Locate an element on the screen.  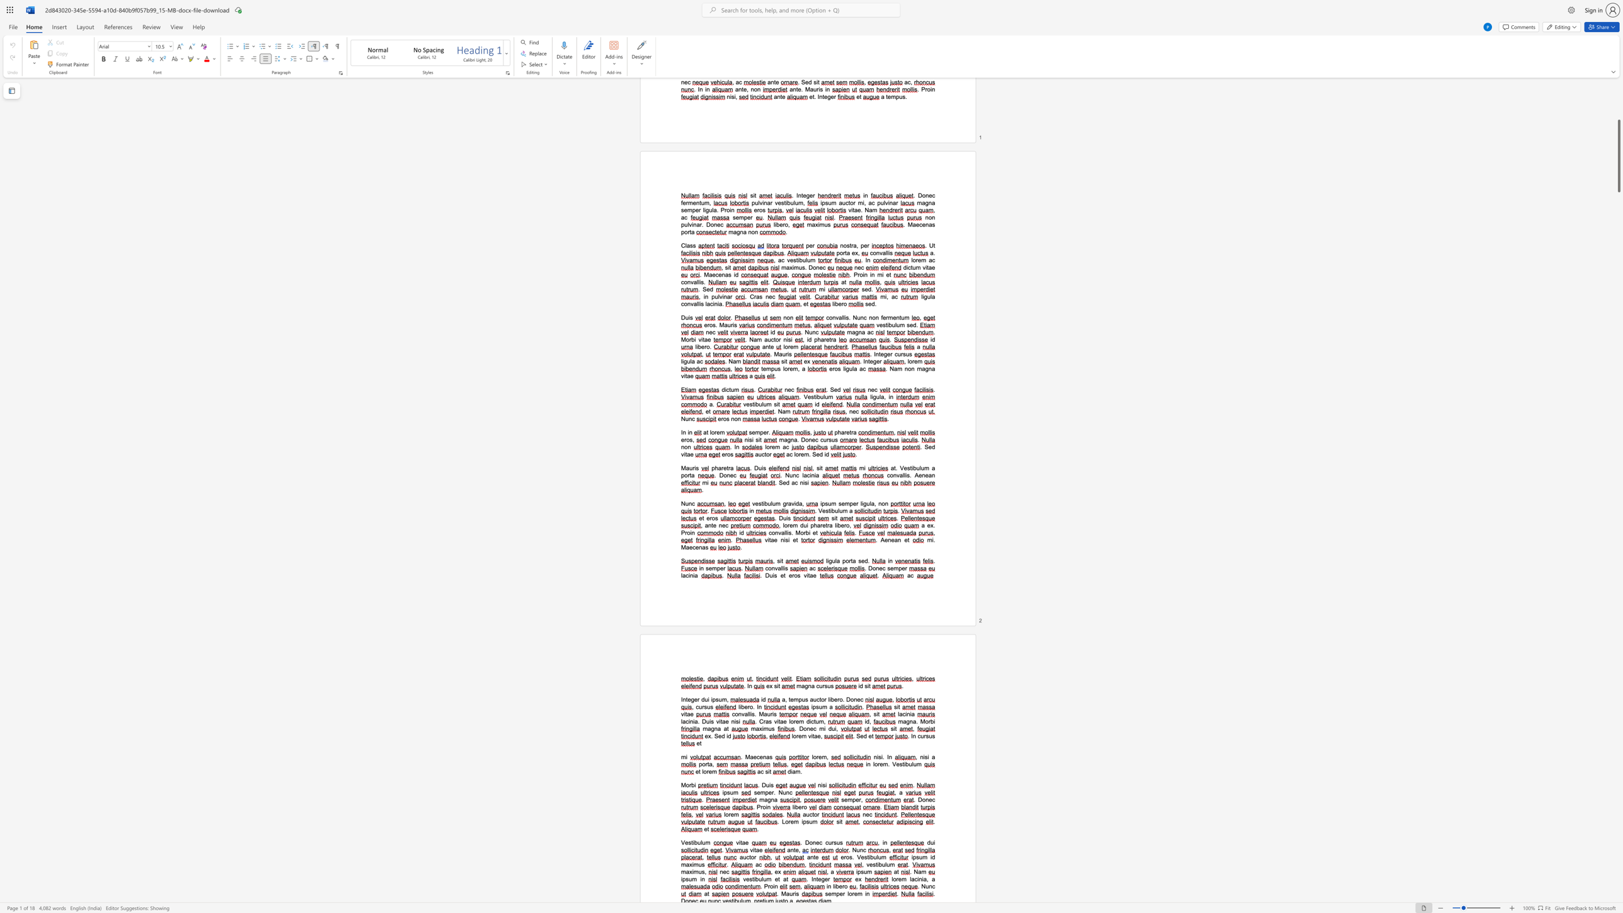
the space between the continuous character "i" and "." in the text is located at coordinates (882, 757).